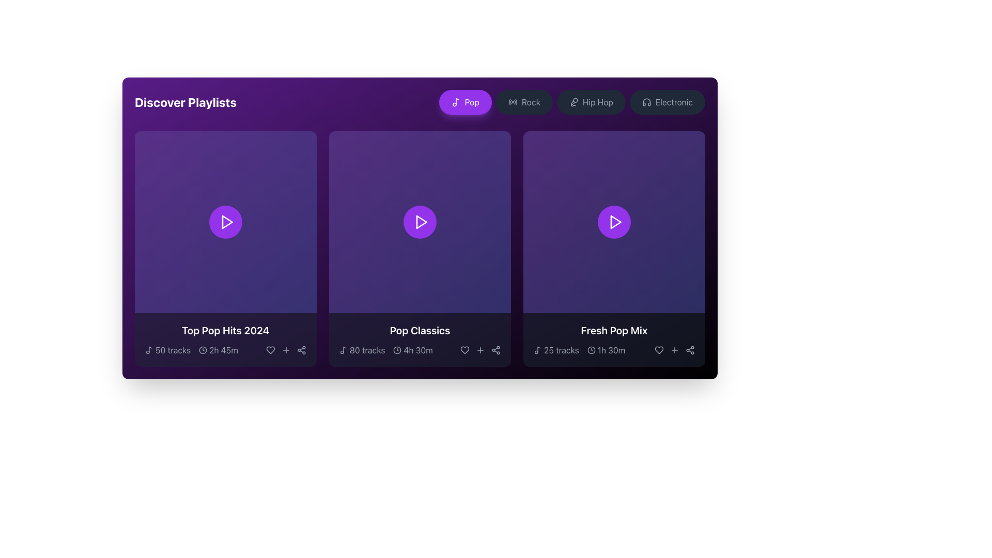 Image resolution: width=992 pixels, height=558 pixels. What do you see at coordinates (345, 349) in the screenshot?
I see `the Icon component resembling a musical note's stem and flag, located before the text '80 tracks' under the 'Pop Classics' playlist` at bounding box center [345, 349].